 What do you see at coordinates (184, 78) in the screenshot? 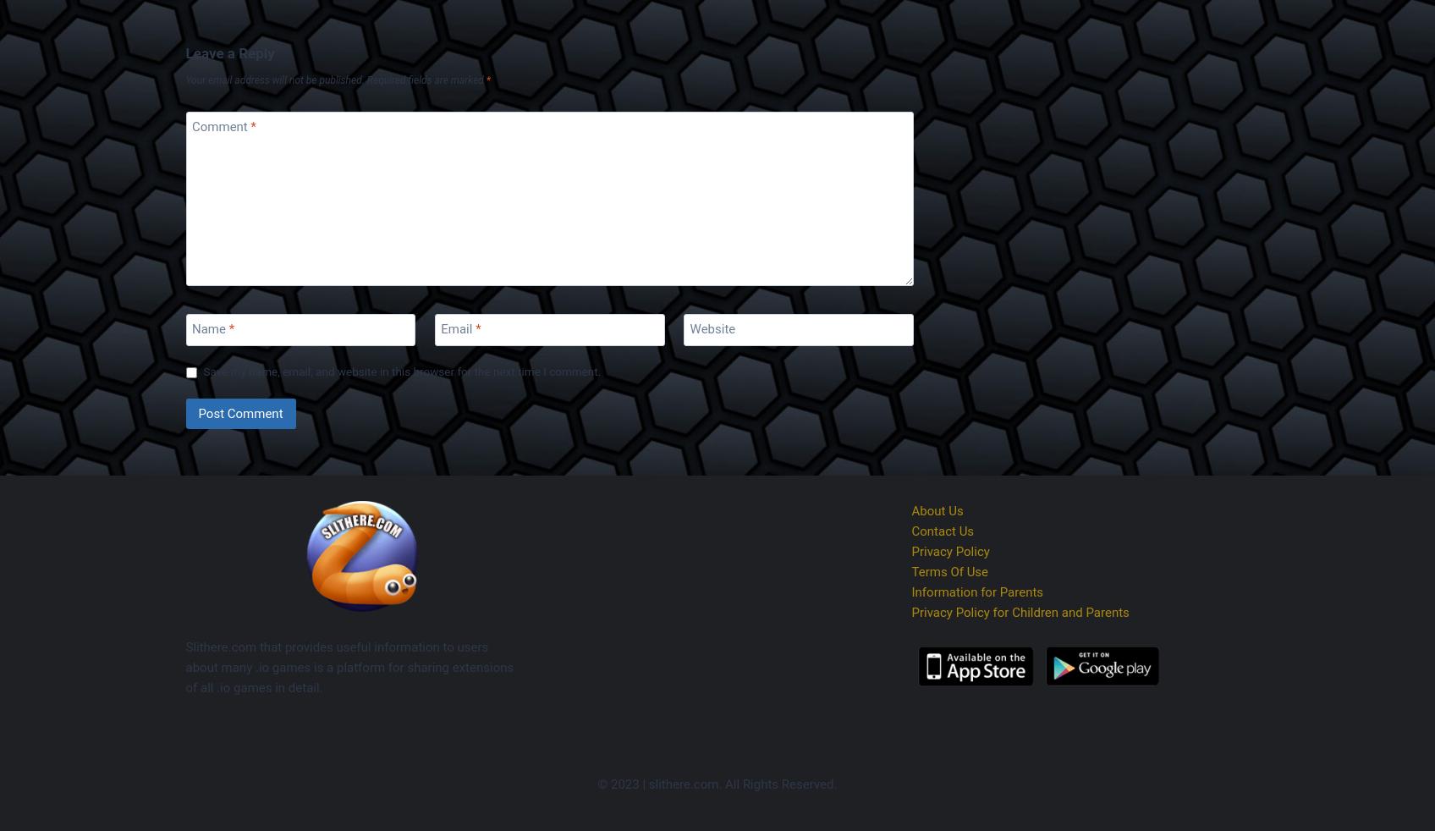
I see `'Your email address will not be published.'` at bounding box center [184, 78].